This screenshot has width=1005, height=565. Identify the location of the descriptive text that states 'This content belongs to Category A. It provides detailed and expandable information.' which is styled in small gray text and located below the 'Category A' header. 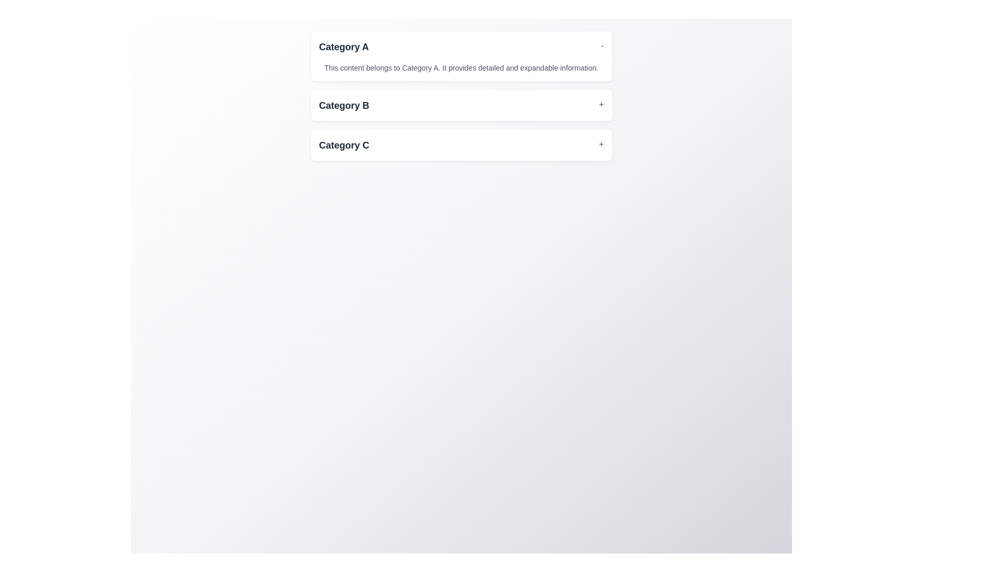
(461, 64).